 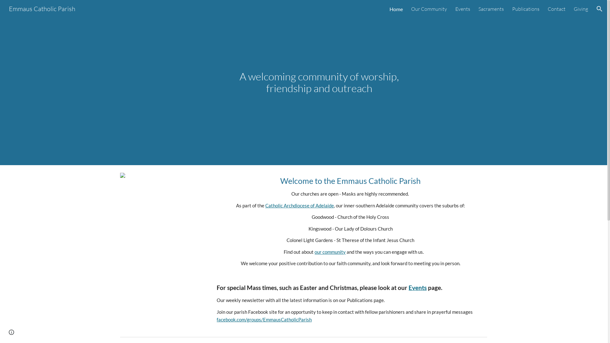 I want to click on 'Emmaus Catholic Parish', so click(x=5, y=8).